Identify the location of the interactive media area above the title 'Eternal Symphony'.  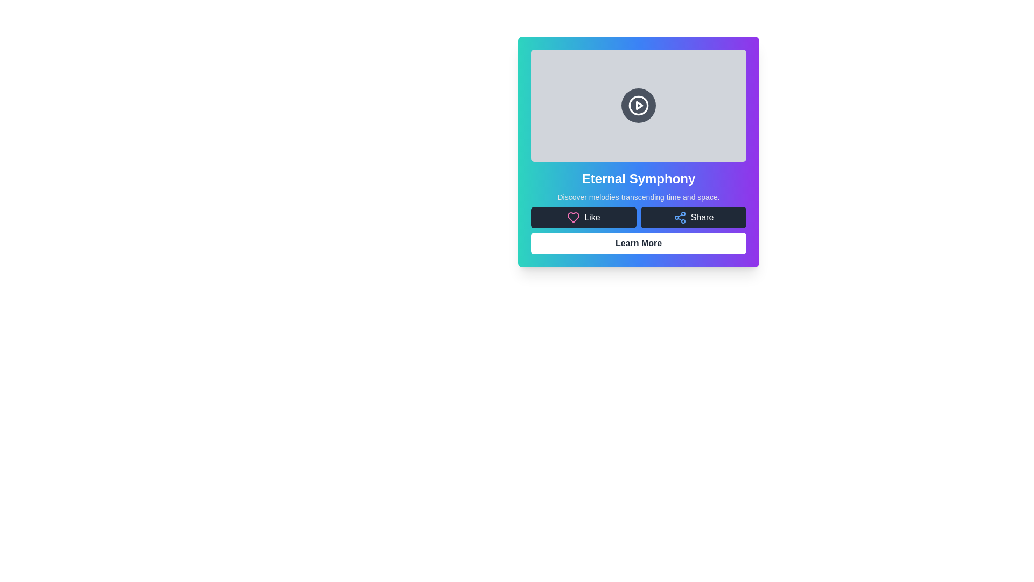
(638, 106).